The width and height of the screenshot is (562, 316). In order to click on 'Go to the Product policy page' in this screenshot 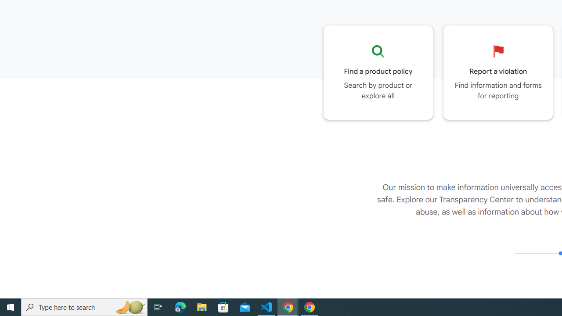, I will do `click(378, 72)`.